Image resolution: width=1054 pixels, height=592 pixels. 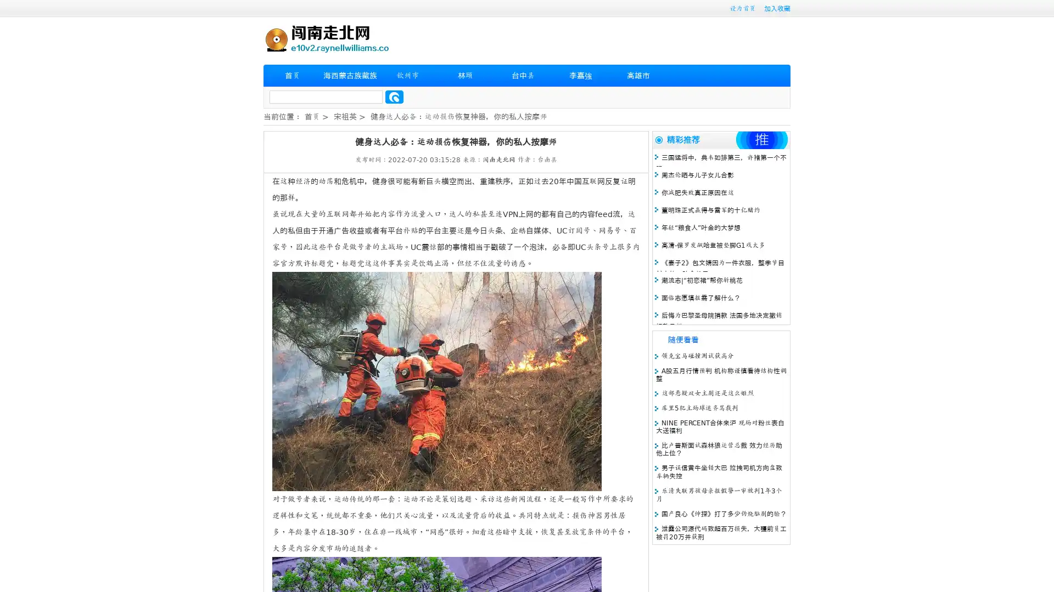 What do you see at coordinates (394, 96) in the screenshot?
I see `Search` at bounding box center [394, 96].